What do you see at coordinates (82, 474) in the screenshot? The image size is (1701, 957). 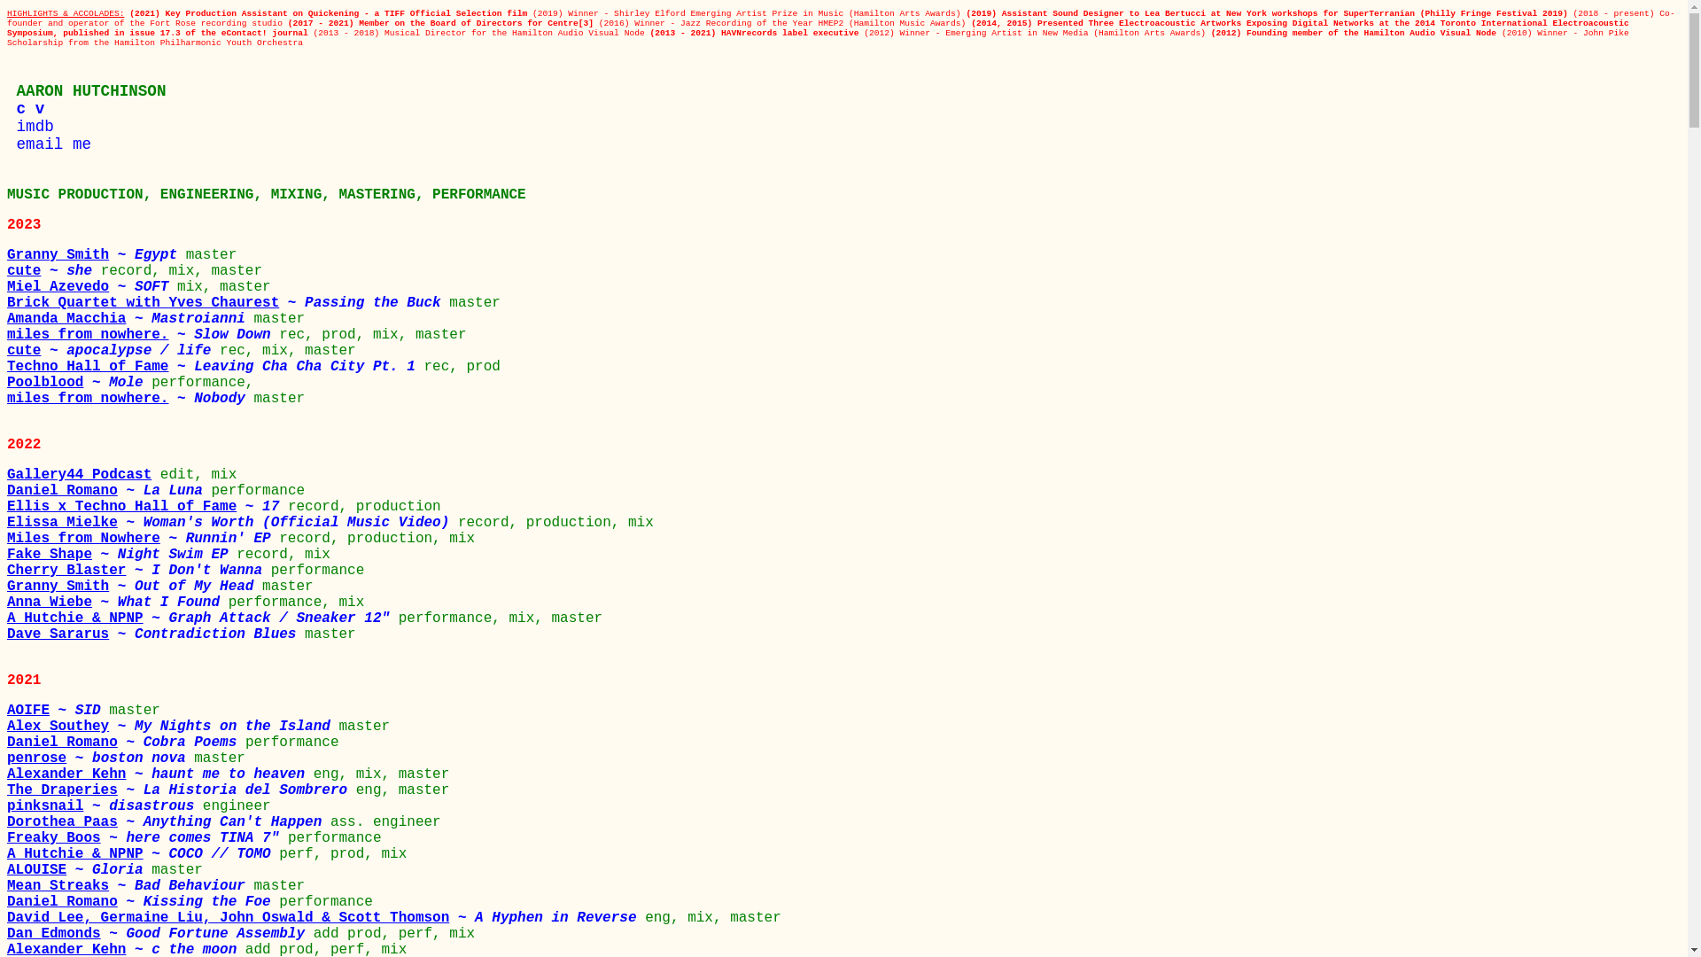 I see `'Gallery44 Podcast'` at bounding box center [82, 474].